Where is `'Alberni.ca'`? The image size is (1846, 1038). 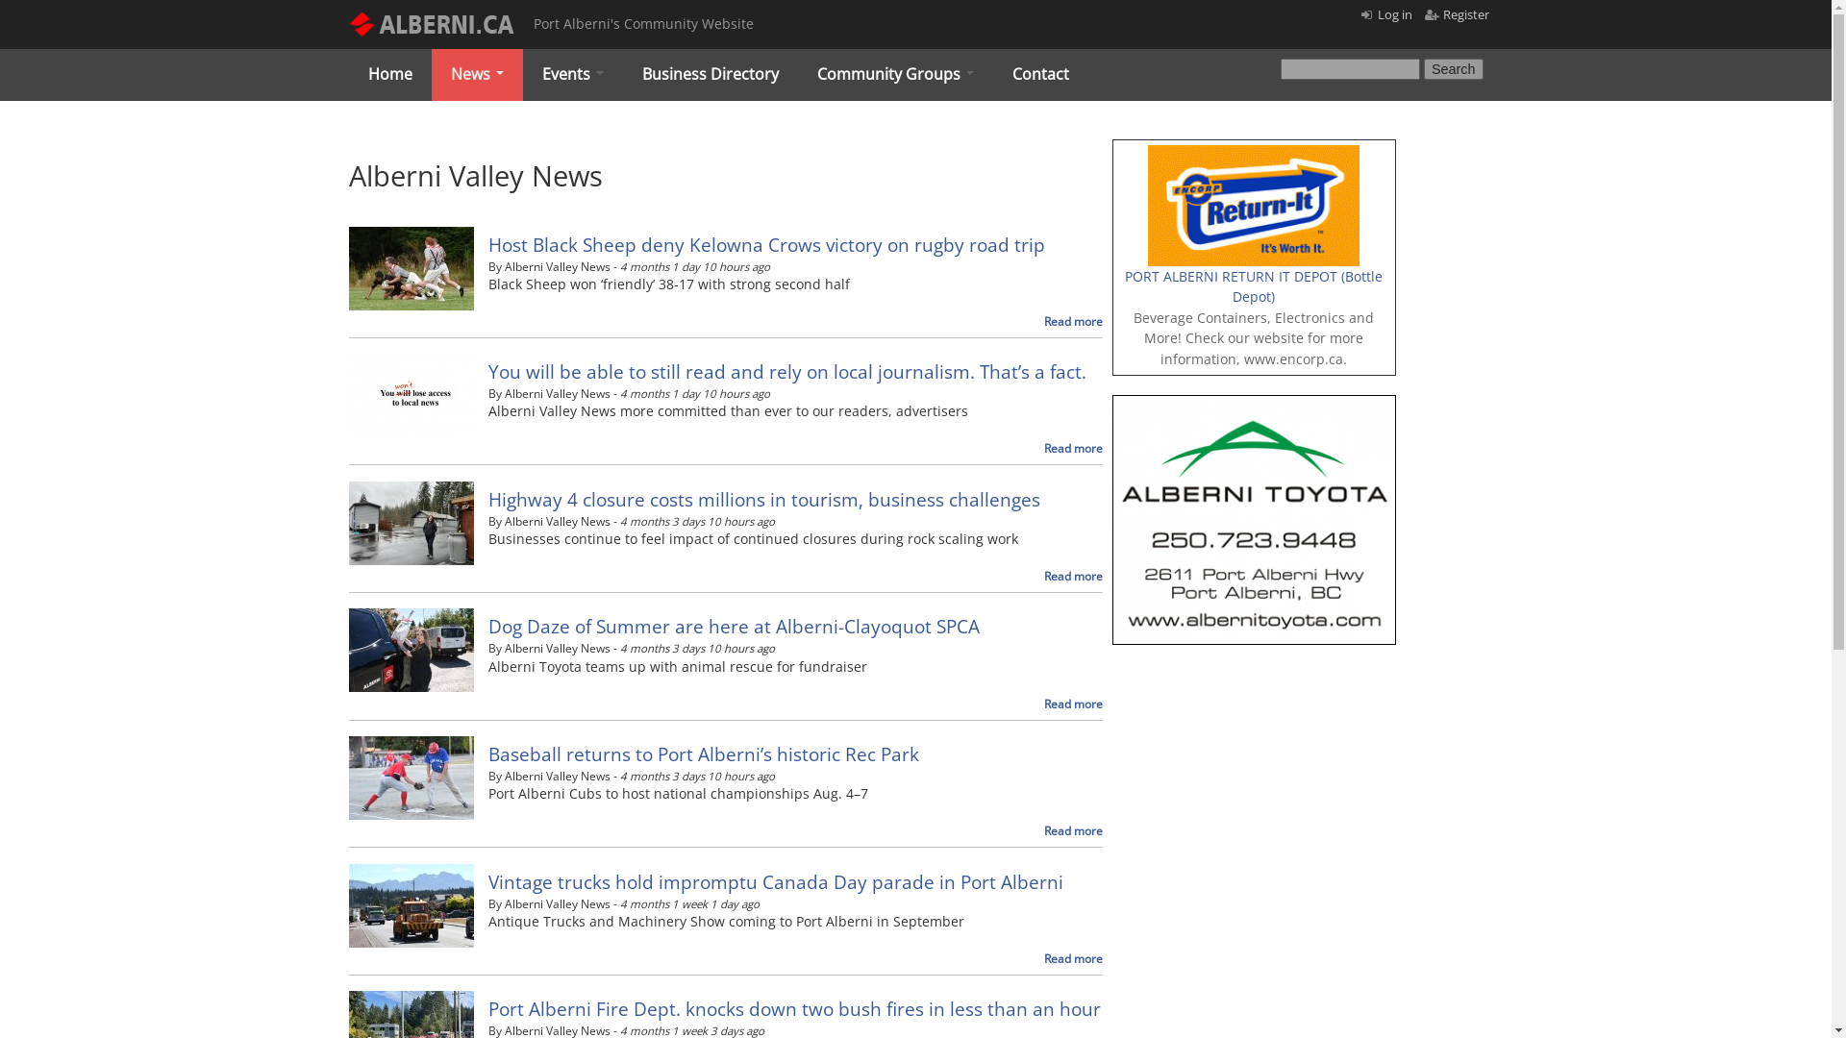 'Alberni.ca' is located at coordinates (521, 174).